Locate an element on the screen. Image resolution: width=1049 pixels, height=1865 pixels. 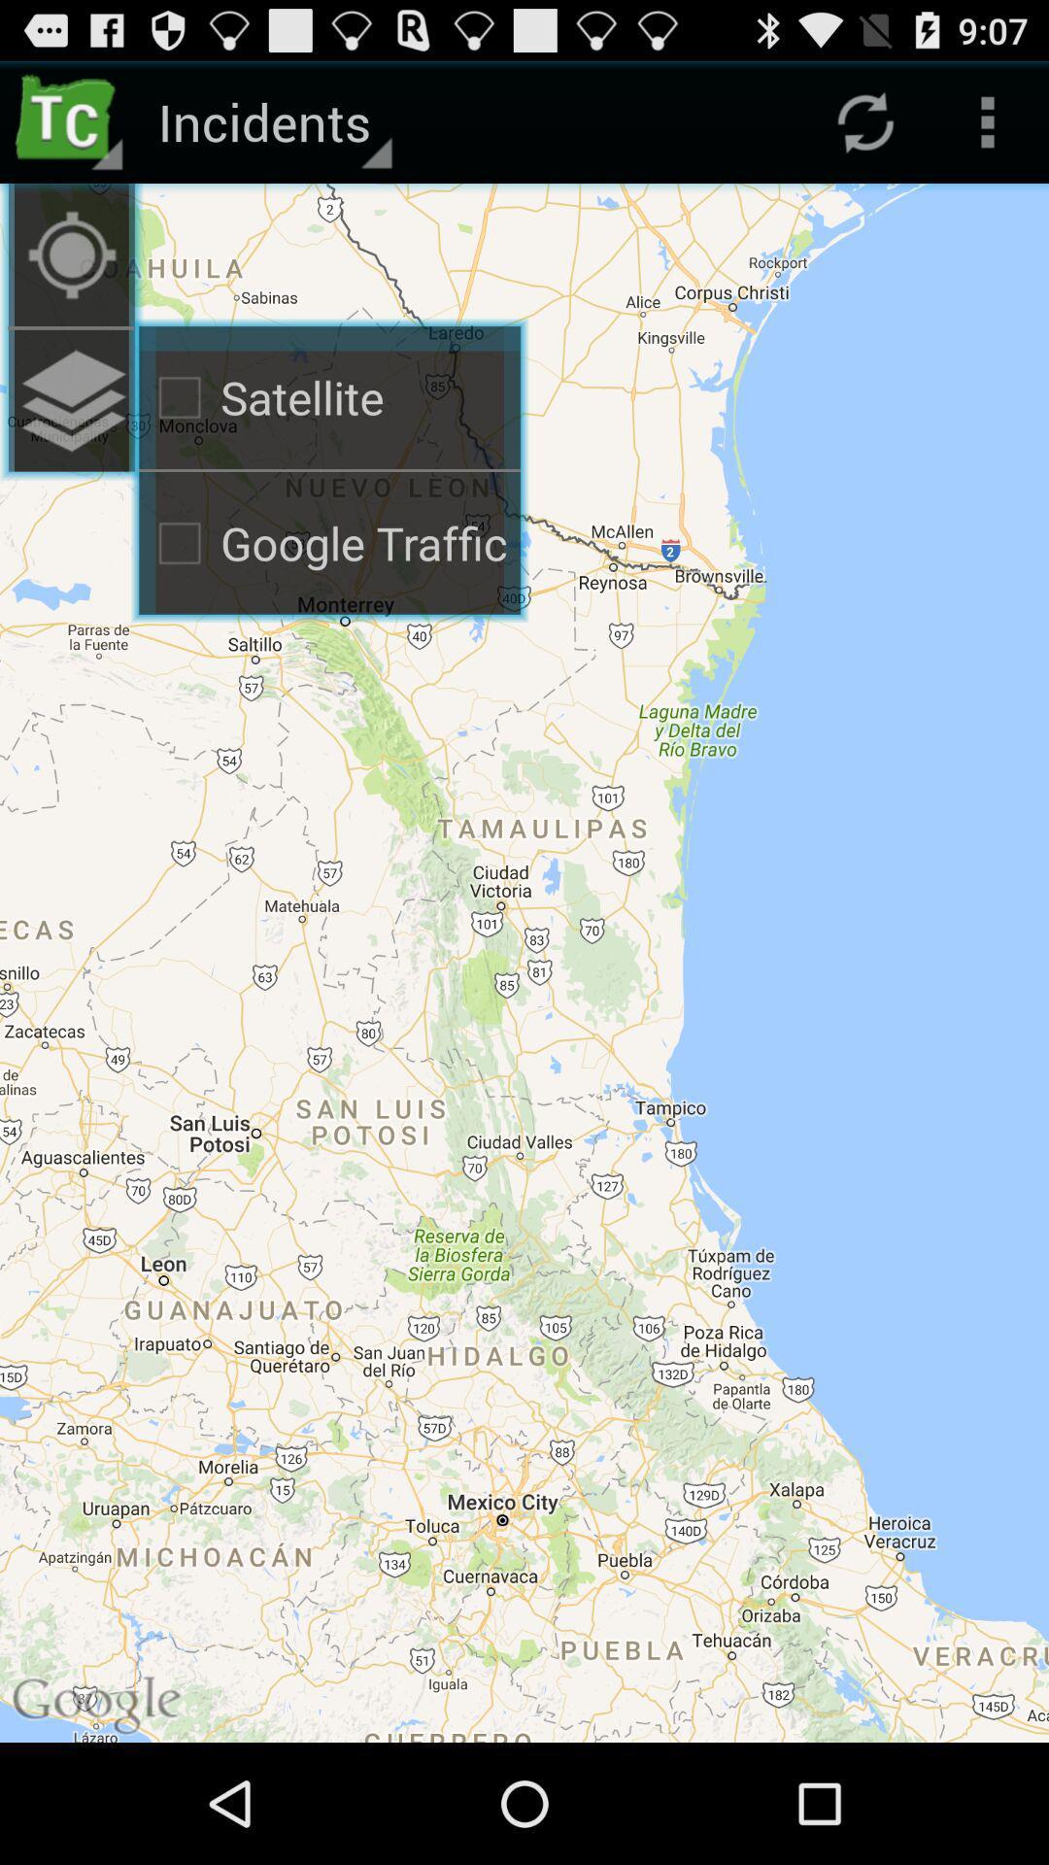
the icon above google traffic item is located at coordinates (70, 400).